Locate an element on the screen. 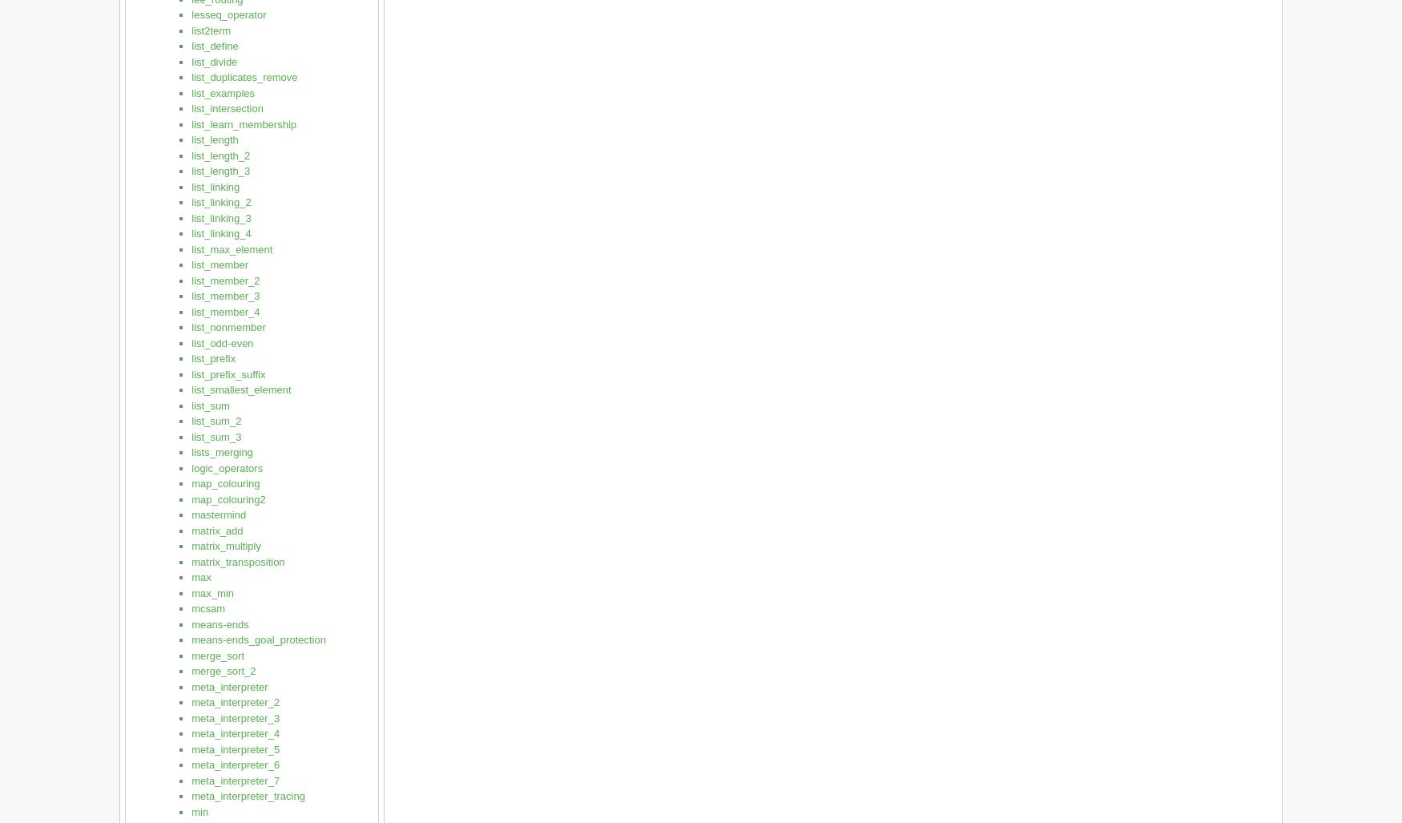 Image resolution: width=1402 pixels, height=823 pixels. 'list_sum_2' is located at coordinates (216, 420).